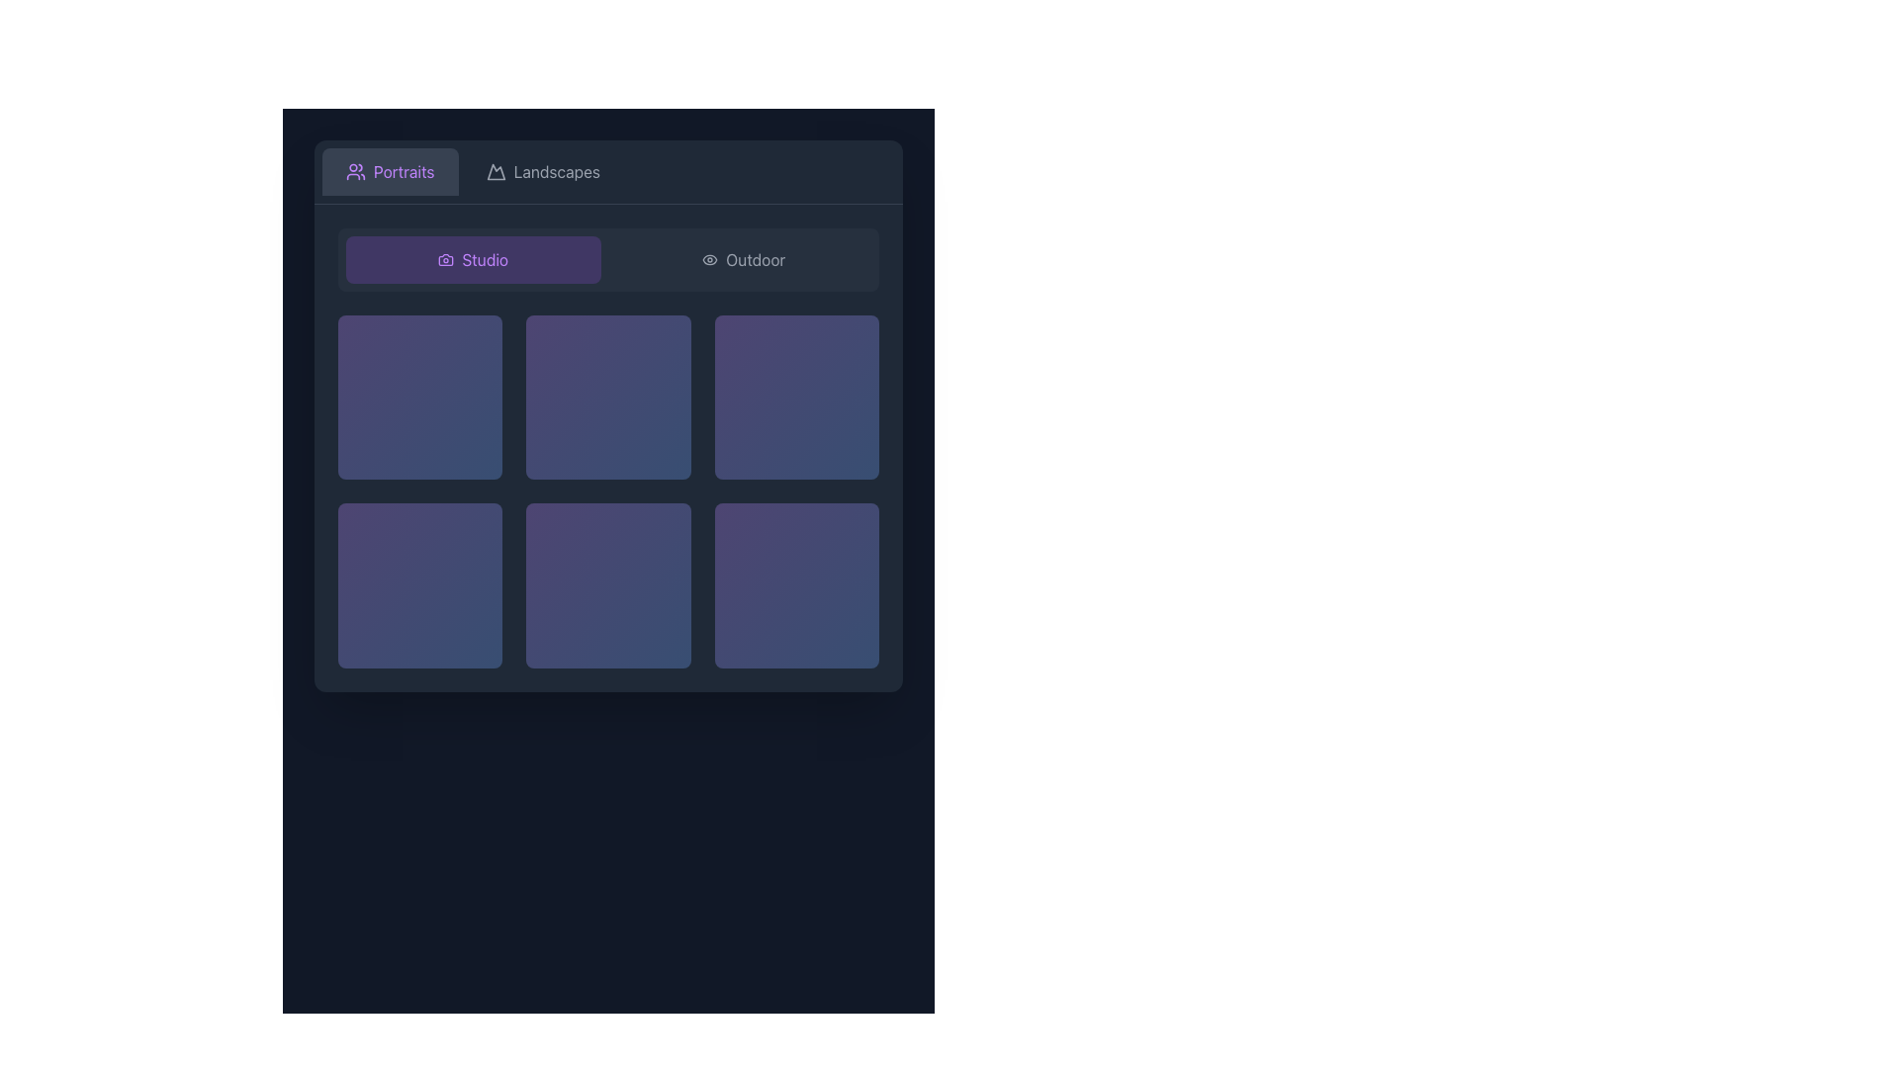 Image resolution: width=1899 pixels, height=1068 pixels. I want to click on the second card labeled 'Photo Title 2', so click(607, 398).